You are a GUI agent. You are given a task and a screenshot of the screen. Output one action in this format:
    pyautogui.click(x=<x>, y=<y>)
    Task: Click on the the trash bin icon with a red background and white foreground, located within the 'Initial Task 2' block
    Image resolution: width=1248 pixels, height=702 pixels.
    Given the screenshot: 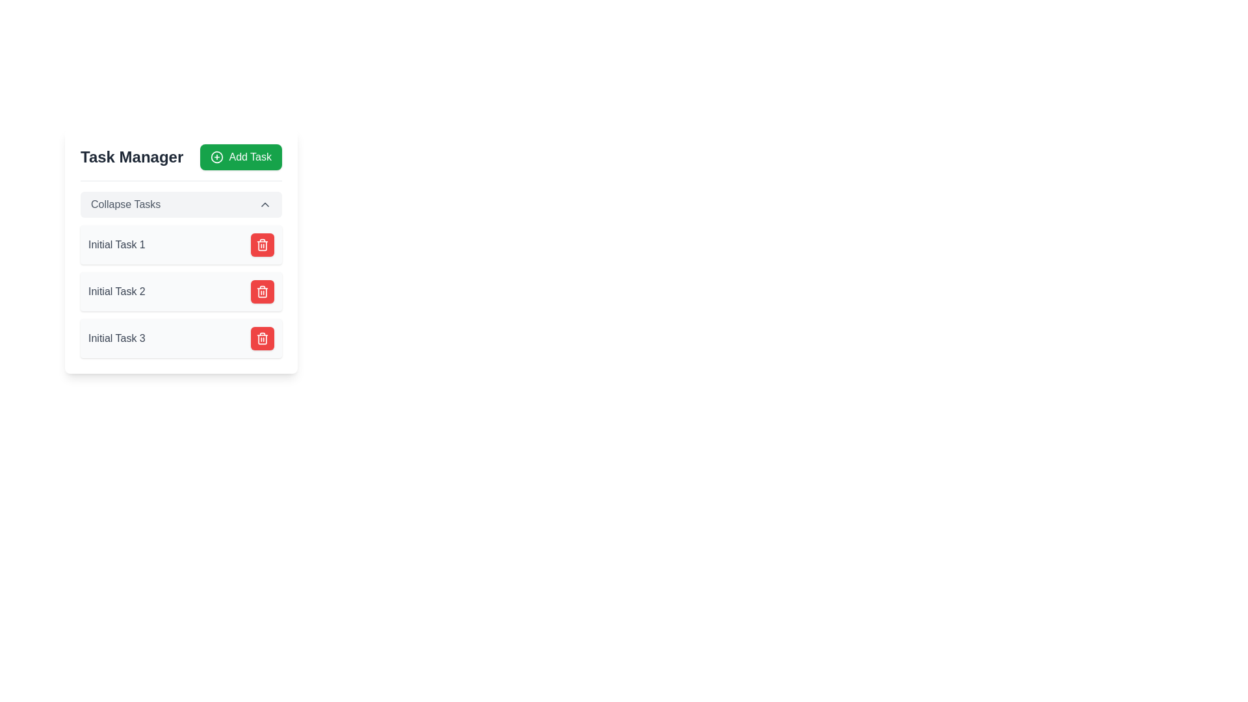 What is the action you would take?
    pyautogui.click(x=261, y=291)
    